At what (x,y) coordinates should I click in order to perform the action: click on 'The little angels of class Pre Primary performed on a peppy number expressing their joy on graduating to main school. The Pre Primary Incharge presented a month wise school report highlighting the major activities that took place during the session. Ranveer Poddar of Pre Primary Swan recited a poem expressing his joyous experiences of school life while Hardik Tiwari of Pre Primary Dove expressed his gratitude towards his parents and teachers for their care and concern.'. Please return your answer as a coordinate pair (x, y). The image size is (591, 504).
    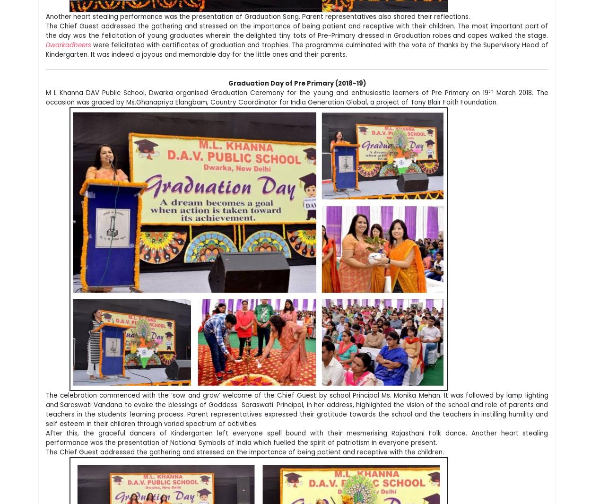
    Looking at the image, I should click on (44, 78).